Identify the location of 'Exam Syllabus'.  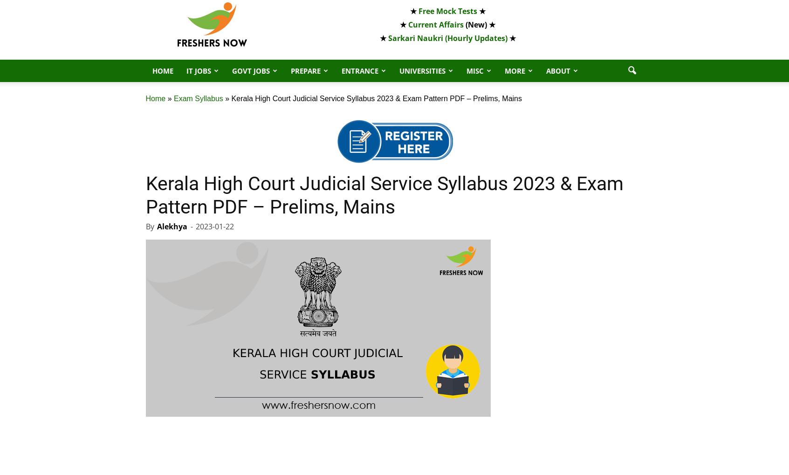
(197, 98).